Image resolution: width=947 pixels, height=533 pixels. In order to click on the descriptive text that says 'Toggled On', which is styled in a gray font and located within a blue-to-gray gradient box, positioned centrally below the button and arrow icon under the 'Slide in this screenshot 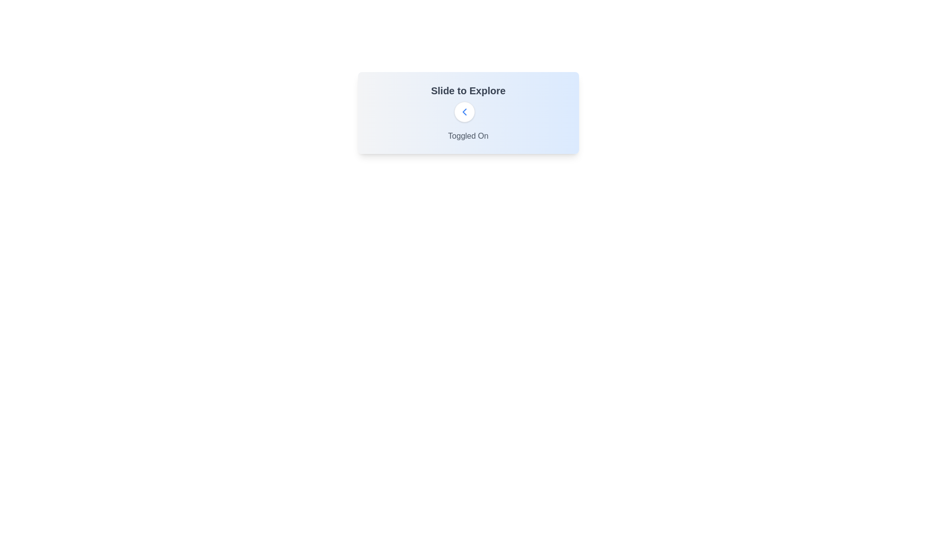, I will do `click(468, 136)`.